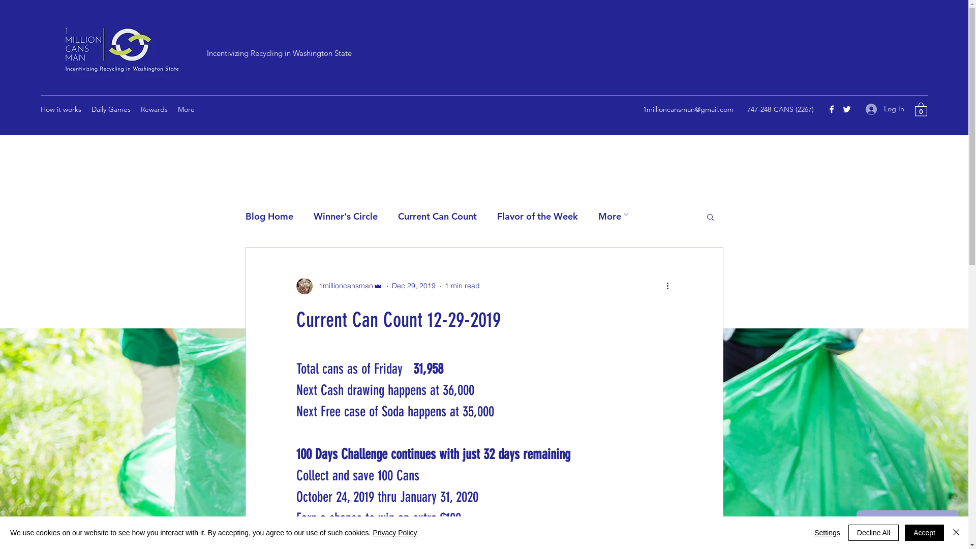  Describe the element at coordinates (437, 216) in the screenshot. I see `'Current Can Count'` at that location.